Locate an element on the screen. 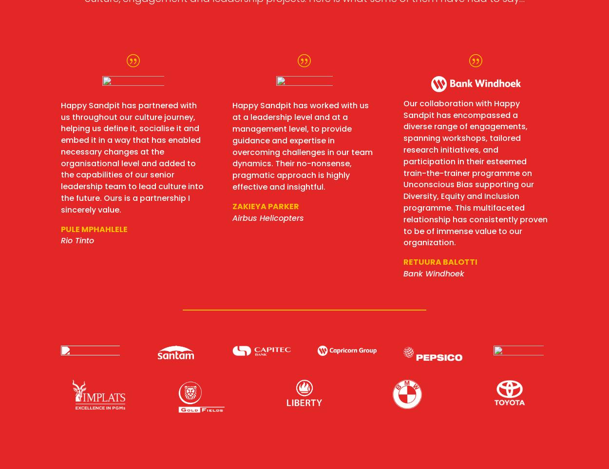 The width and height of the screenshot is (609, 469). 'Happy Sandpit has partnered with us throughout our culture journey, helping us define it, socialise it and embed it in a way that has enabled necessary changes at the organisational level and added to the capabilities of our senior leadership team to lead culture into the future. Ours is a partnership I sincerely value.' is located at coordinates (132, 156).